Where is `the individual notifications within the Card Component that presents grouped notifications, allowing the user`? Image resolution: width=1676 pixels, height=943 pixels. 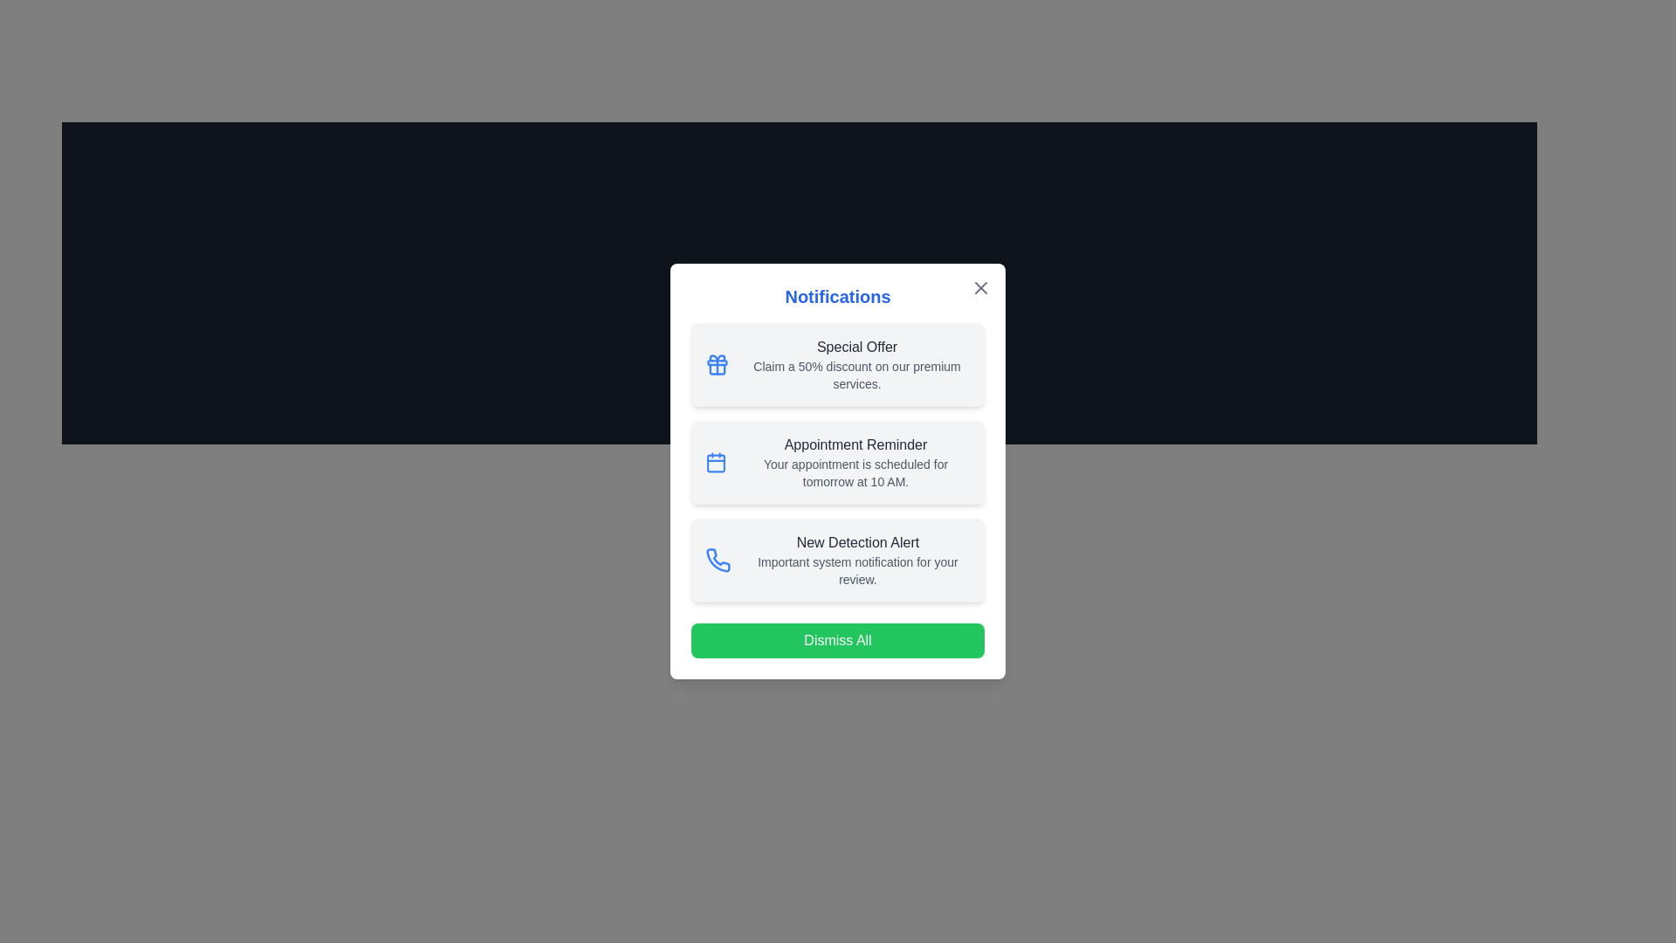 the individual notifications within the Card Component that presents grouped notifications, allowing the user is located at coordinates (838, 471).